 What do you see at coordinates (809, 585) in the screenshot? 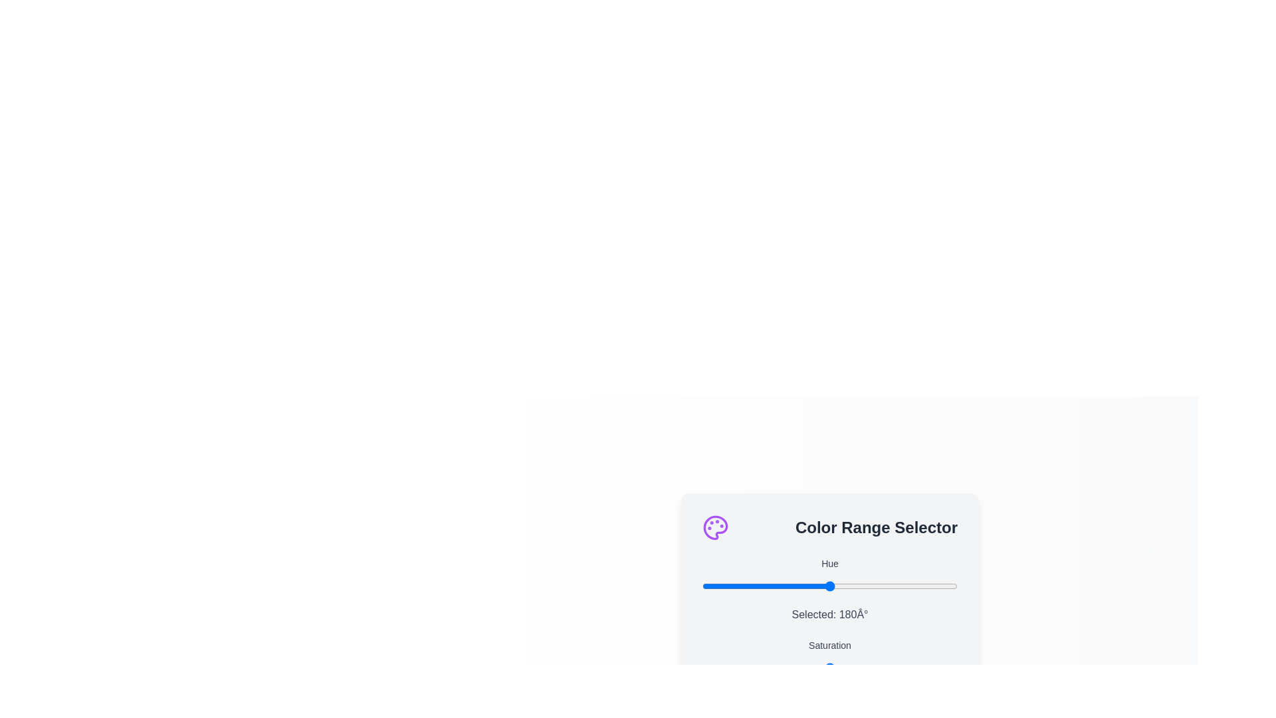
I see `the hue value on the slider` at bounding box center [809, 585].